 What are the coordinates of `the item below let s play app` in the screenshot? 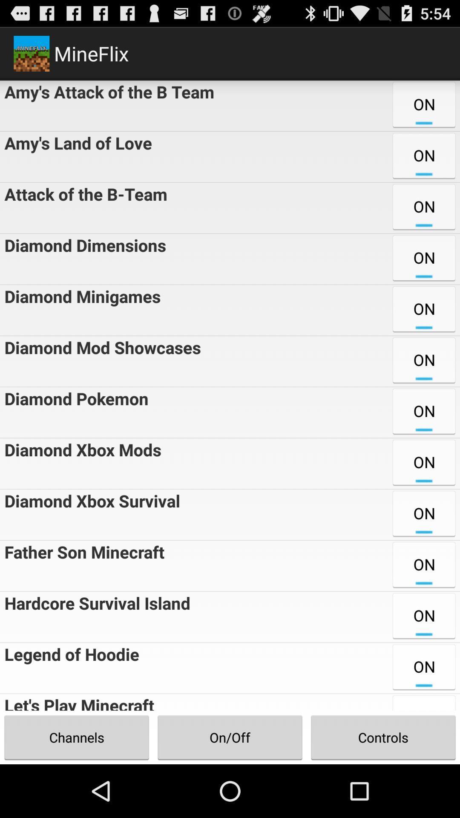 It's located at (230, 737).